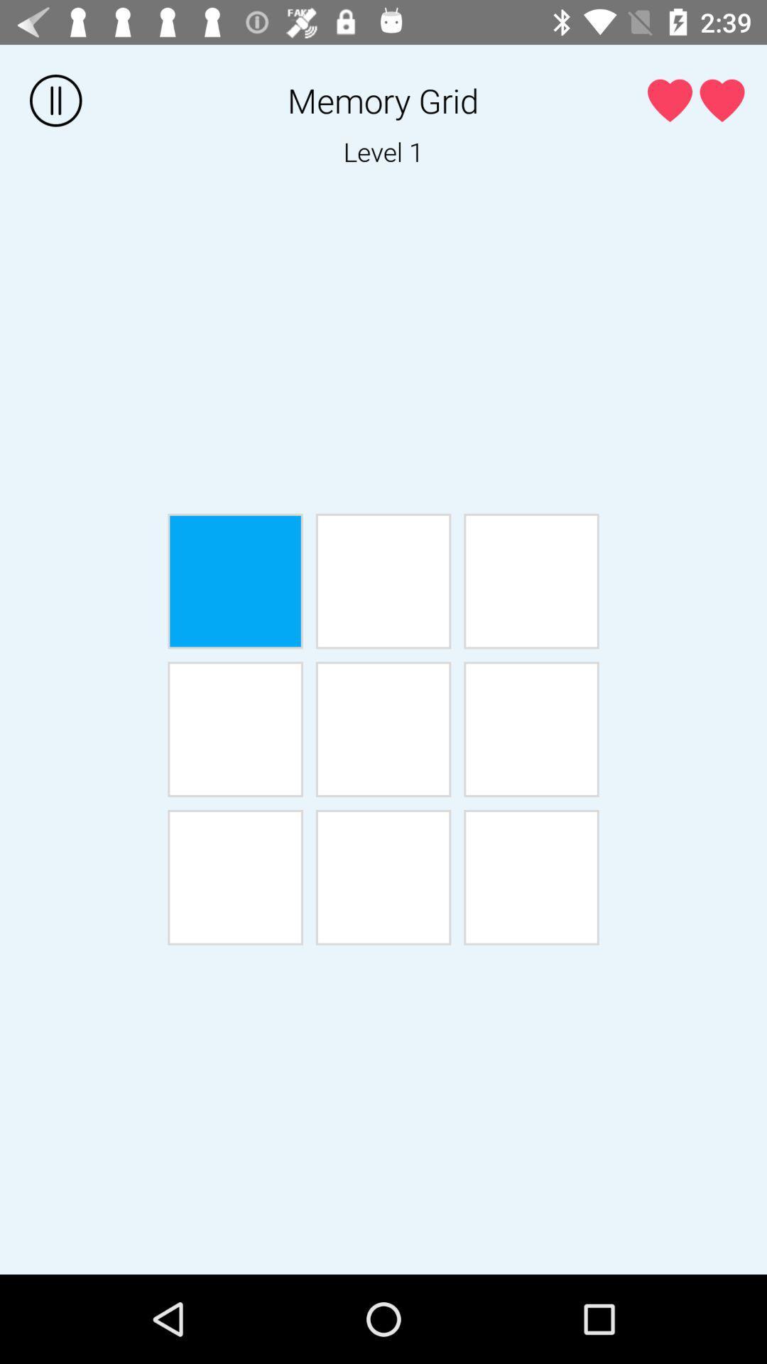 The image size is (767, 1364). Describe the element at coordinates (531, 581) in the screenshot. I see `the icon below level 1 icon` at that location.